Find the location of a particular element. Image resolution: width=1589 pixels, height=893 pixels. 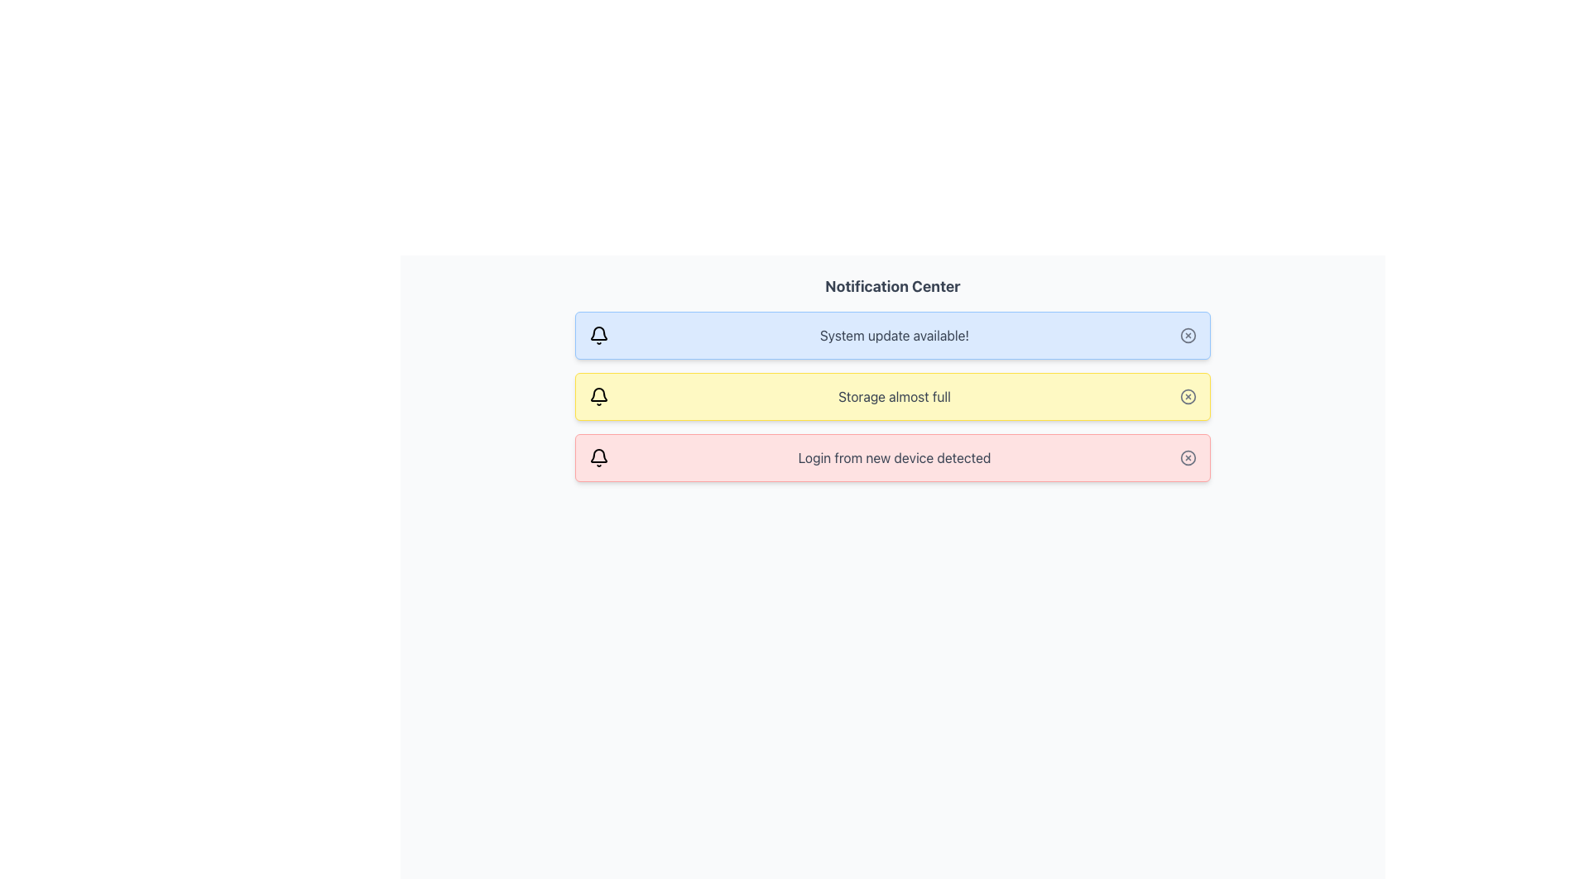

the SVG Circle element that represents the close button in the yellow 'Storage almost full' notification card, located at the top-right corner is located at coordinates (1187, 396).